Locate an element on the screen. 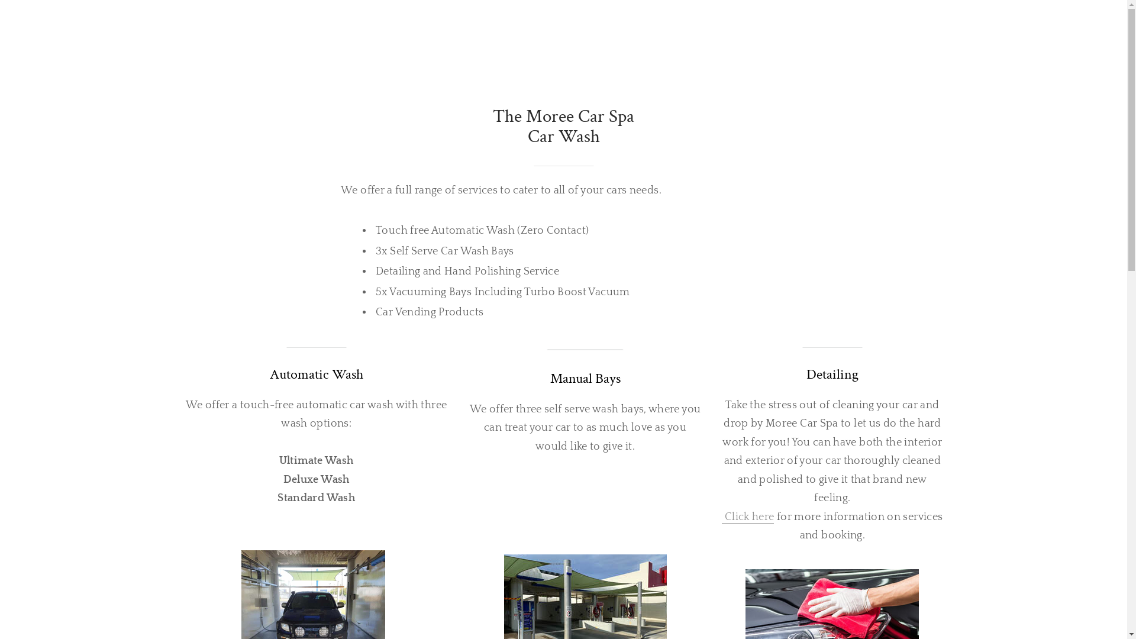 This screenshot has height=639, width=1136. ' Click here' is located at coordinates (747, 517).